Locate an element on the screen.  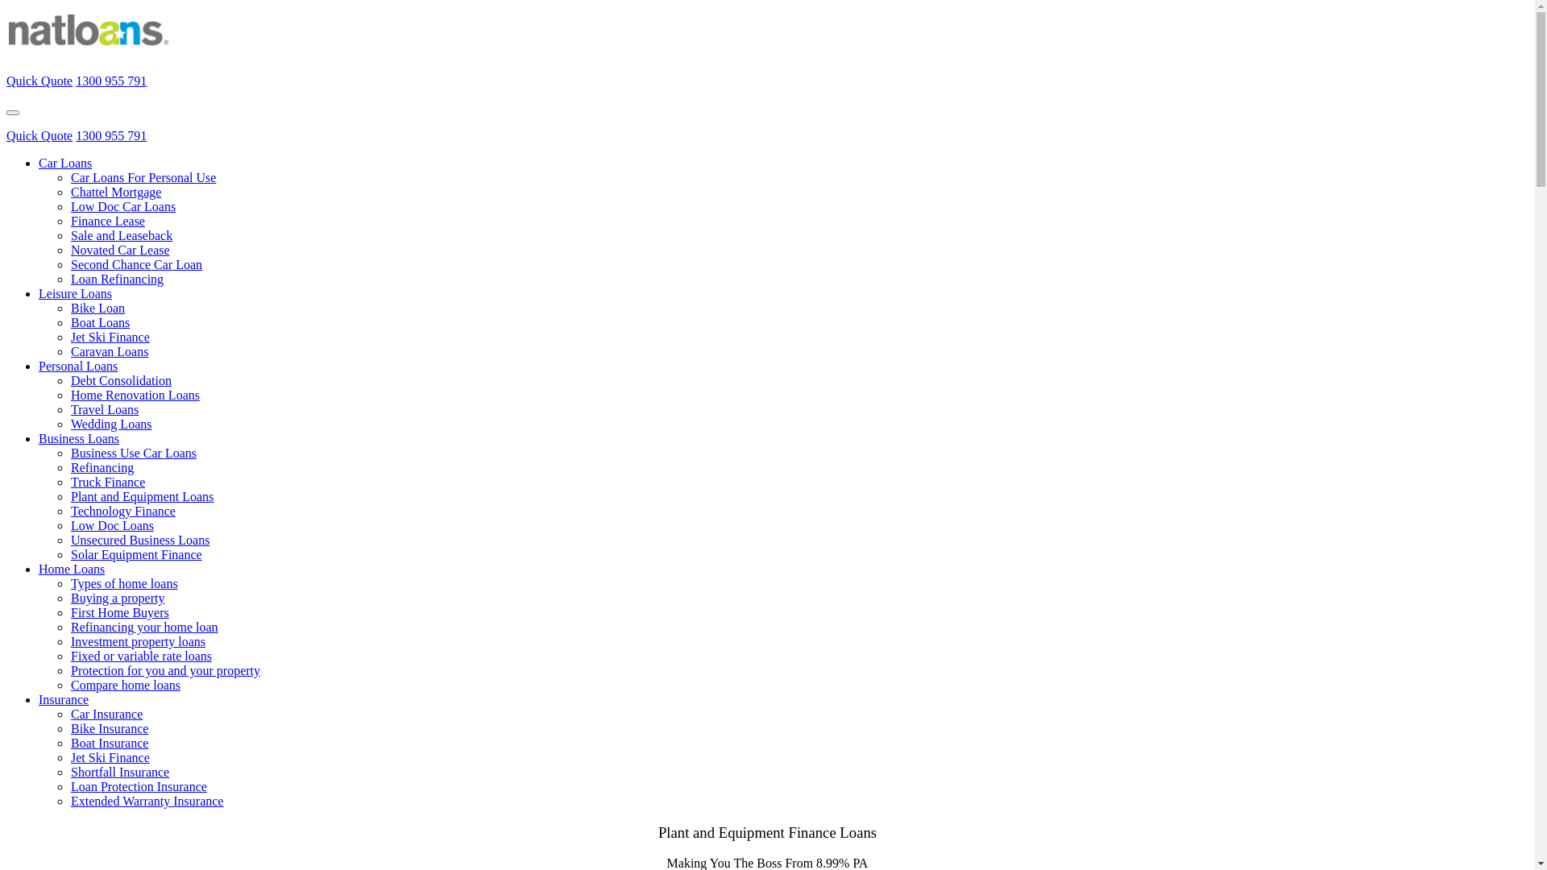
'Protection for you and your property' is located at coordinates (165, 670).